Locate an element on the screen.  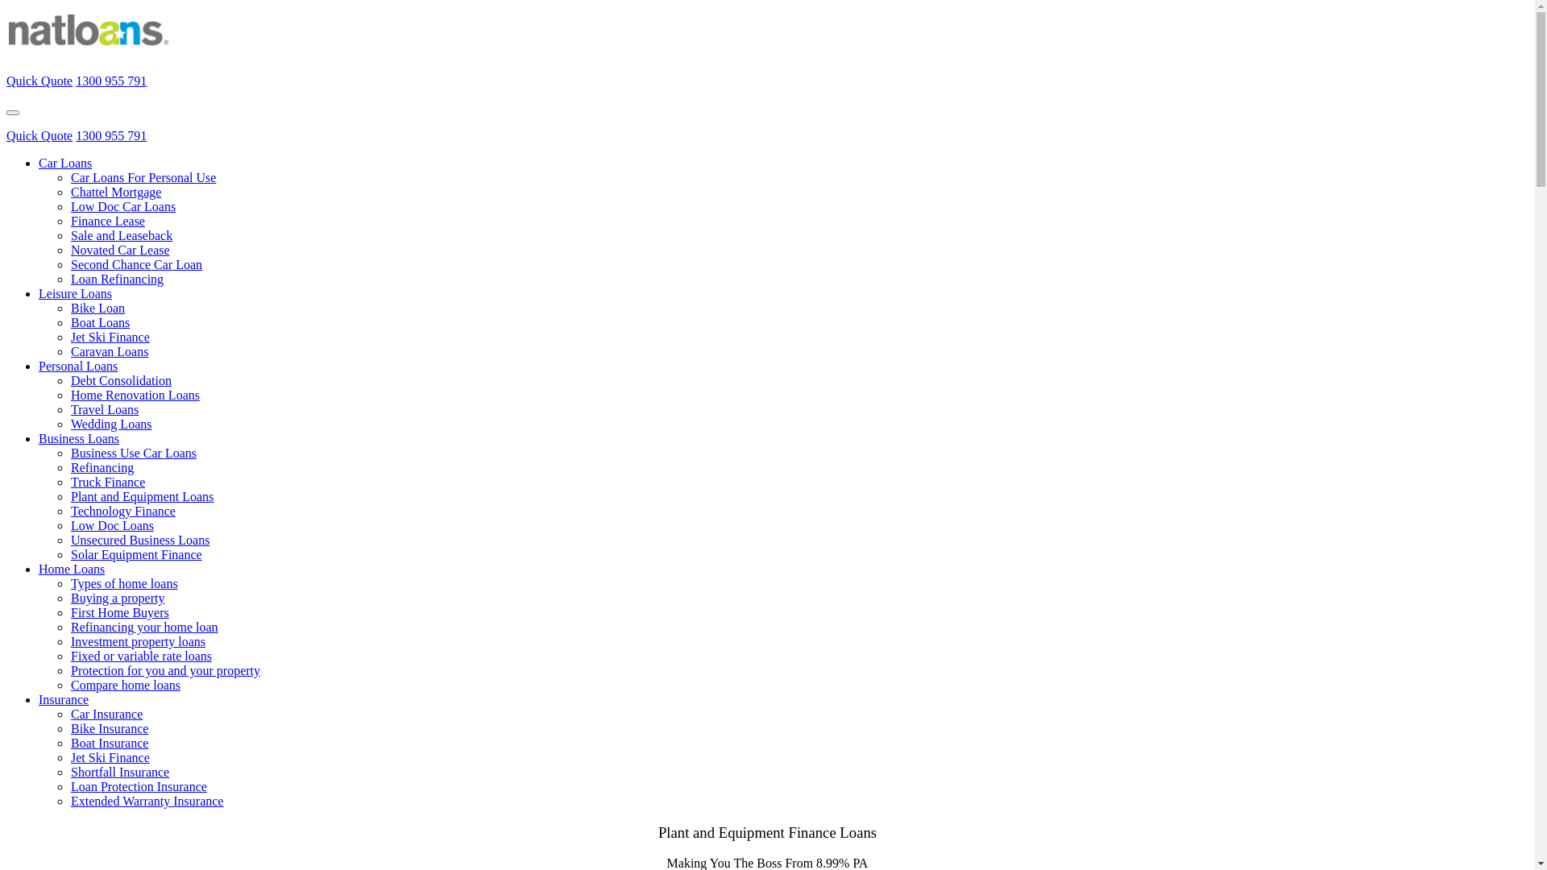
'Protection for you and your property' is located at coordinates (165, 670).